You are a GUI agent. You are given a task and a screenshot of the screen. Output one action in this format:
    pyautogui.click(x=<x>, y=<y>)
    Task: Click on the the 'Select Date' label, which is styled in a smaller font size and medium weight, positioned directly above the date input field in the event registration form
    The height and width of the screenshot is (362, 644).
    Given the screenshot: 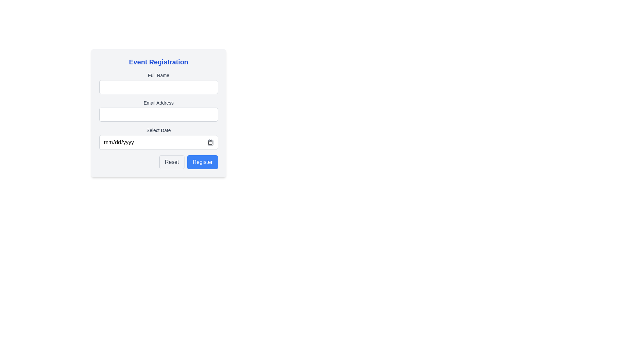 What is the action you would take?
    pyautogui.click(x=158, y=130)
    